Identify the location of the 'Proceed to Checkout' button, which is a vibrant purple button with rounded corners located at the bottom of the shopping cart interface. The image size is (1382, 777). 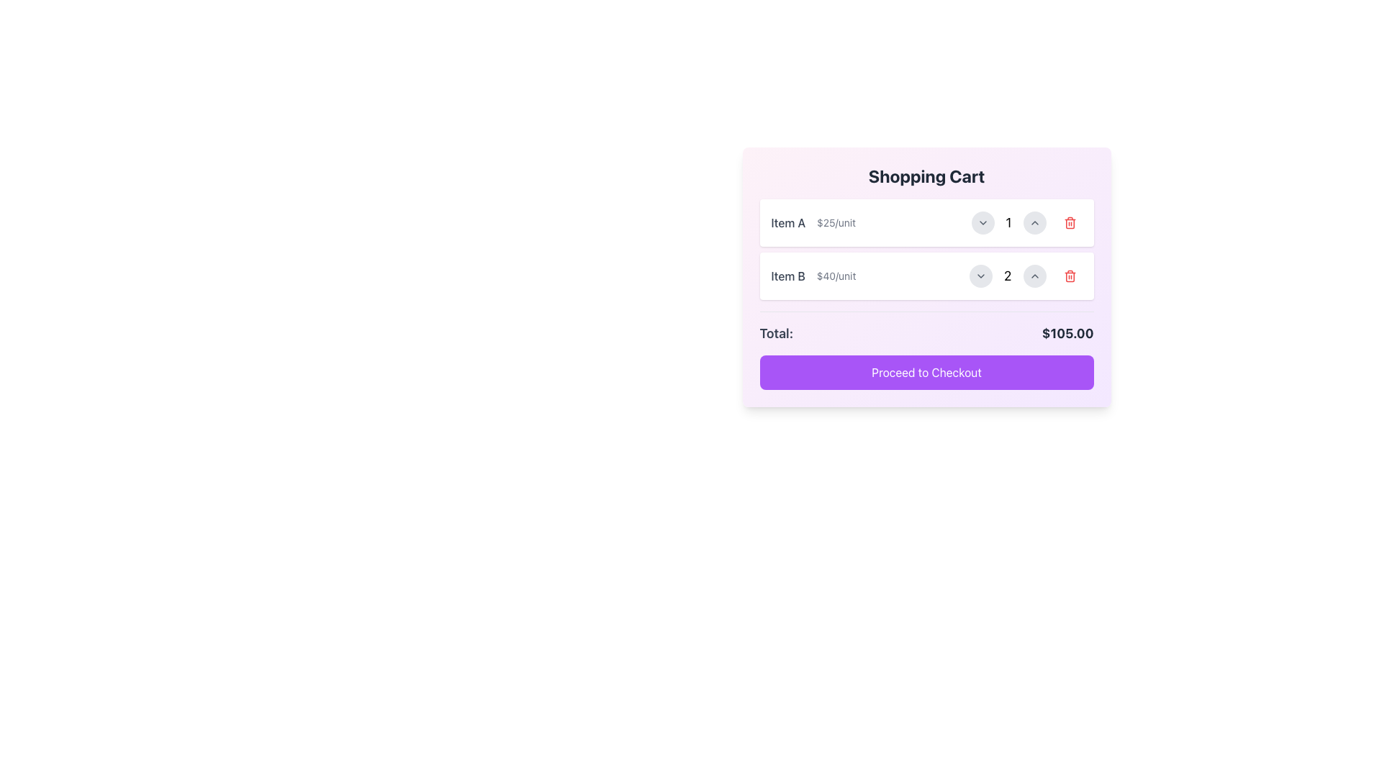
(926, 371).